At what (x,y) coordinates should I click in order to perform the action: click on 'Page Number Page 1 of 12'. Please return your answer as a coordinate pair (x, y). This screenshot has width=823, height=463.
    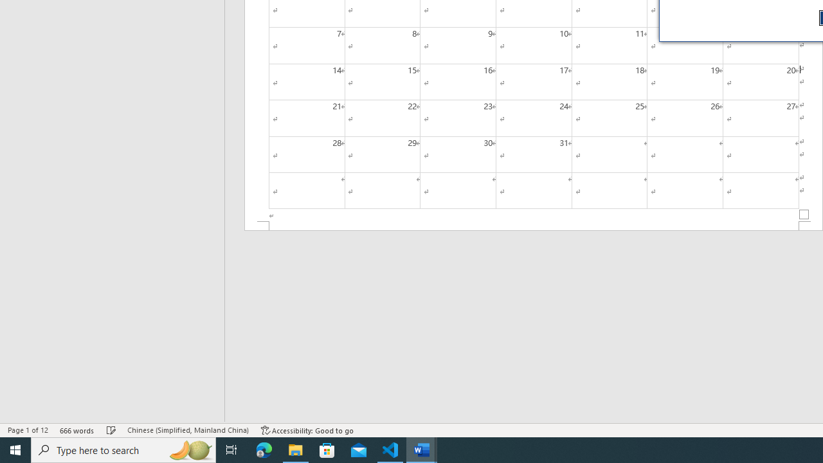
    Looking at the image, I should click on (28, 430).